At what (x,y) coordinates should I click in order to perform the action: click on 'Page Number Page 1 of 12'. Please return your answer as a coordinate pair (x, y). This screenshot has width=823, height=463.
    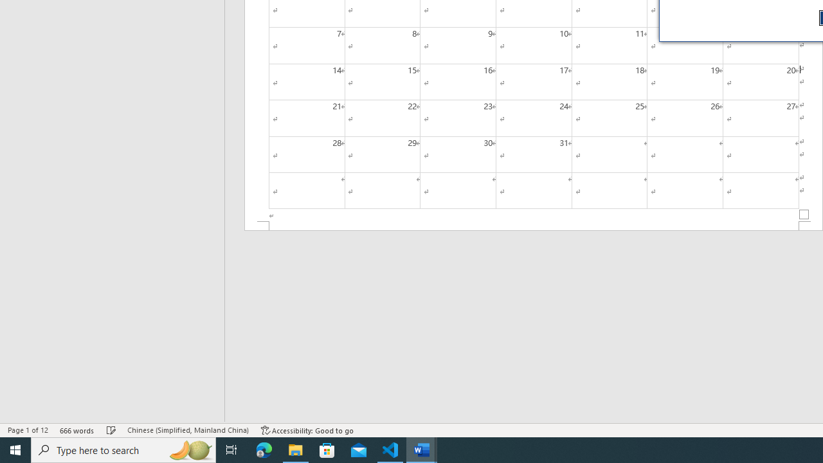
    Looking at the image, I should click on (28, 430).